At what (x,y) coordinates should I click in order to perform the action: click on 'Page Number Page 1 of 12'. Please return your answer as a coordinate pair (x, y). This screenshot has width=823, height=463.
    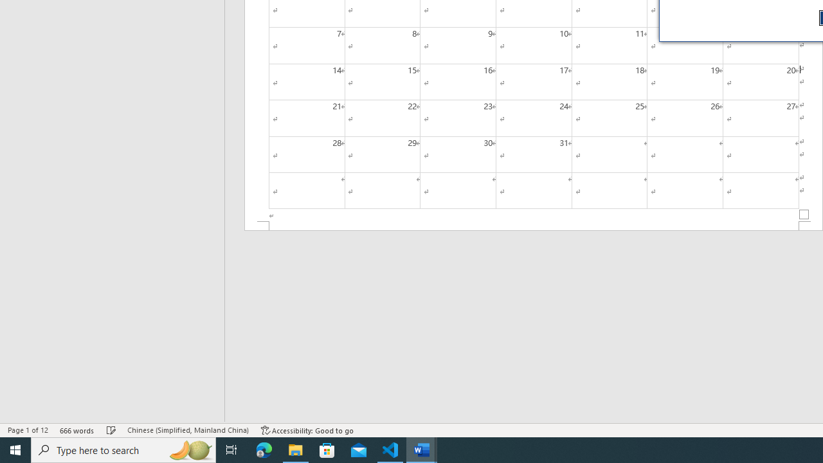
    Looking at the image, I should click on (28, 430).